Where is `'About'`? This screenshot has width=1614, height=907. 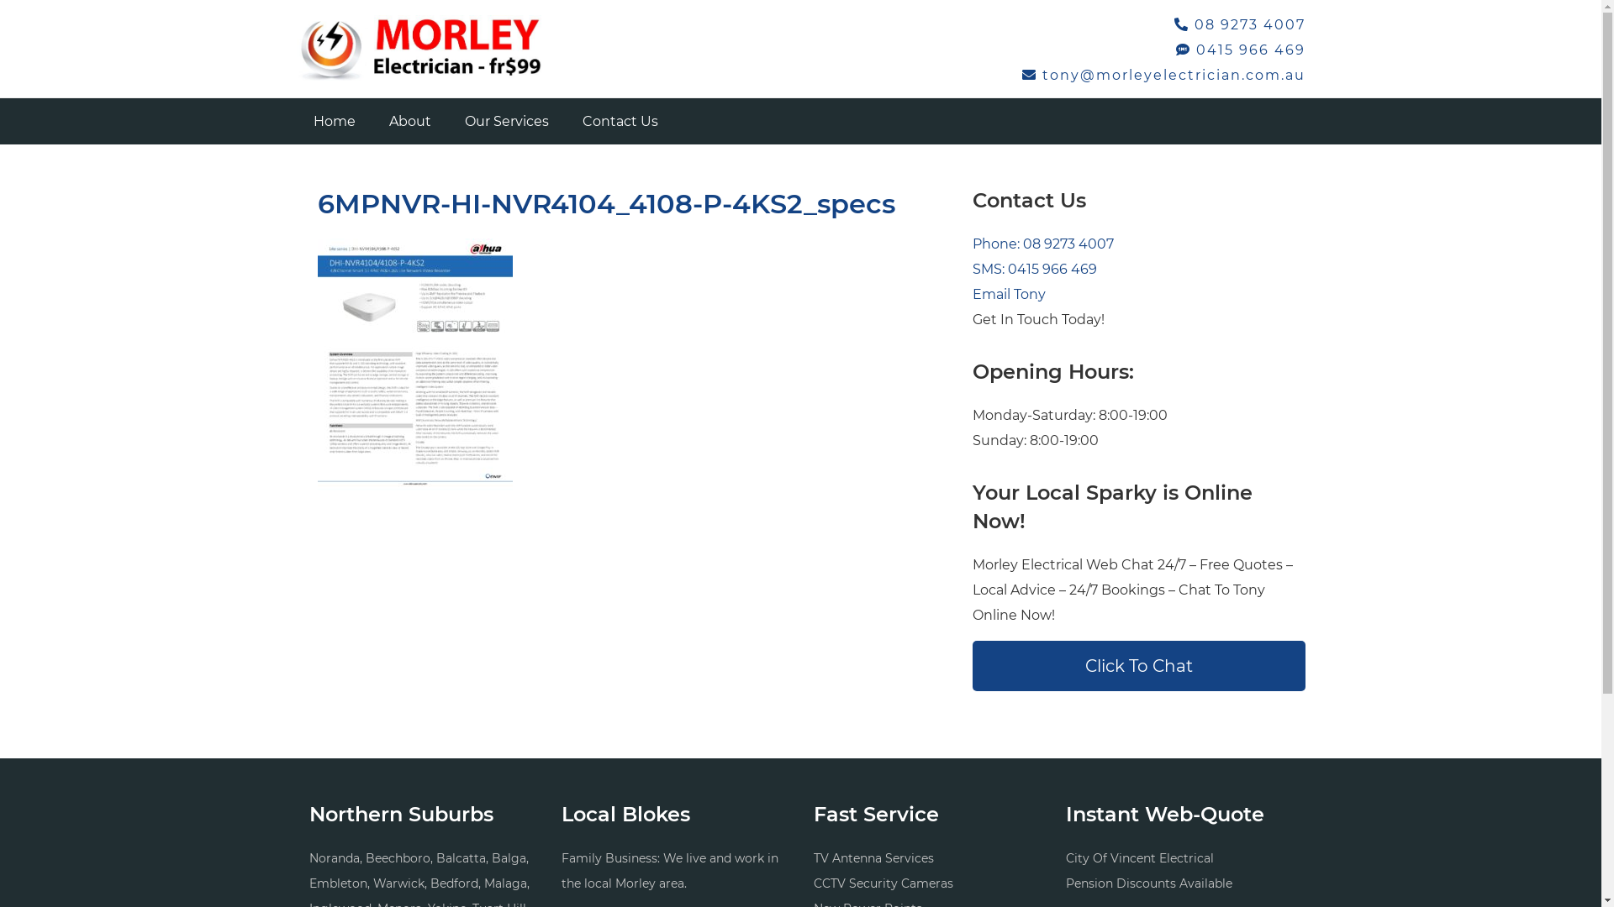 'About' is located at coordinates (370, 120).